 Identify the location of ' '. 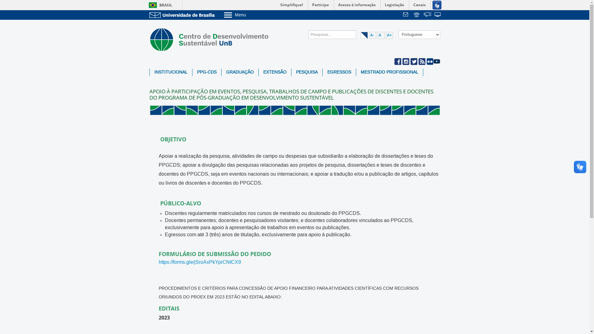
(427, 15).